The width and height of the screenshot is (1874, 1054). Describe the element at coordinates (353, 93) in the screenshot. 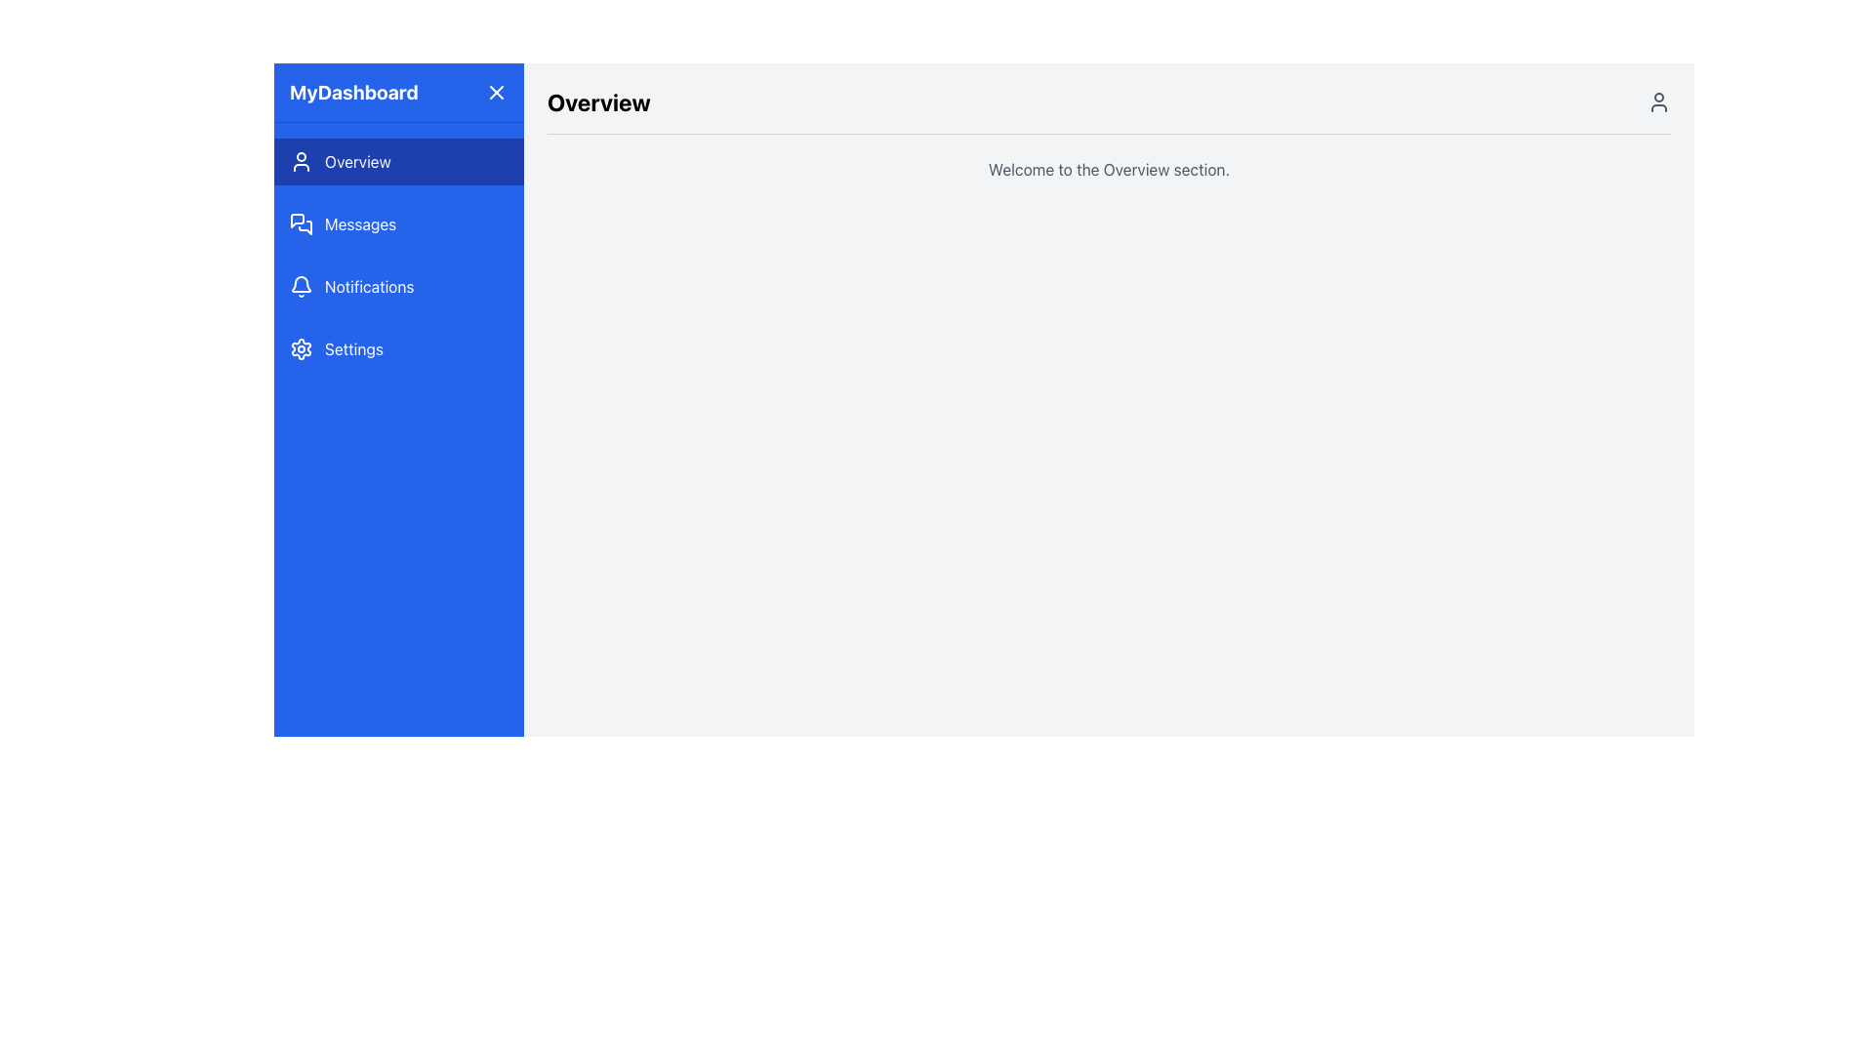

I see `text label 'MyDashboard' which is styled in bold and large font, located in the top-left corner of the interface within the header section of a sidebar` at that location.